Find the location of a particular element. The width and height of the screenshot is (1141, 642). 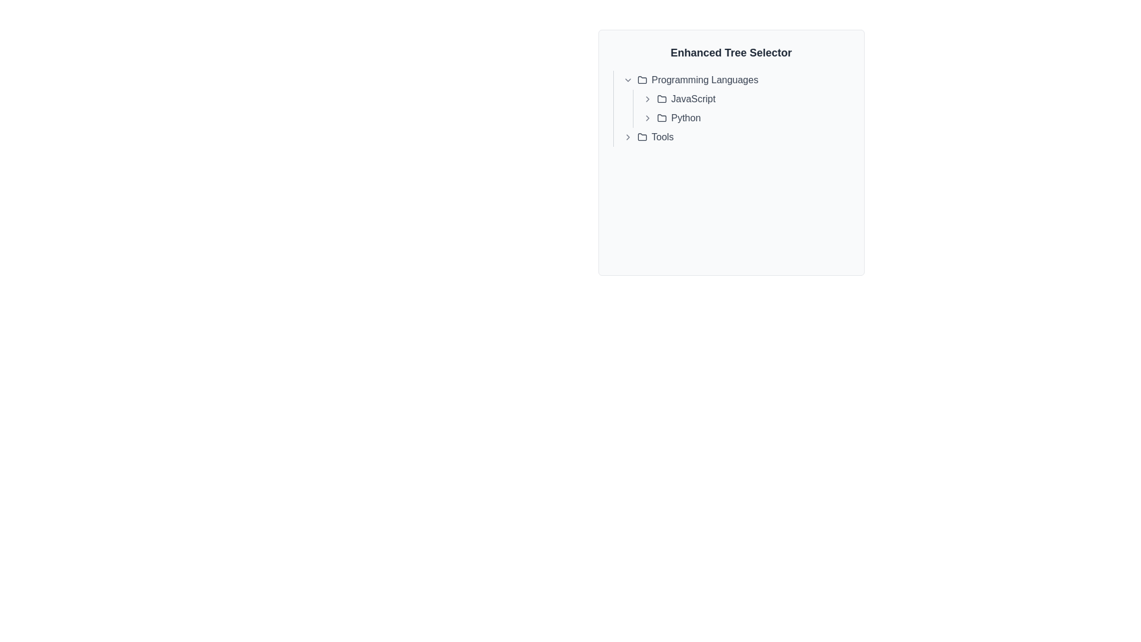

the small folder icon located next to the 'JavaScript' text label in the 'Enhanced Tree Selector' component is located at coordinates (661, 98).